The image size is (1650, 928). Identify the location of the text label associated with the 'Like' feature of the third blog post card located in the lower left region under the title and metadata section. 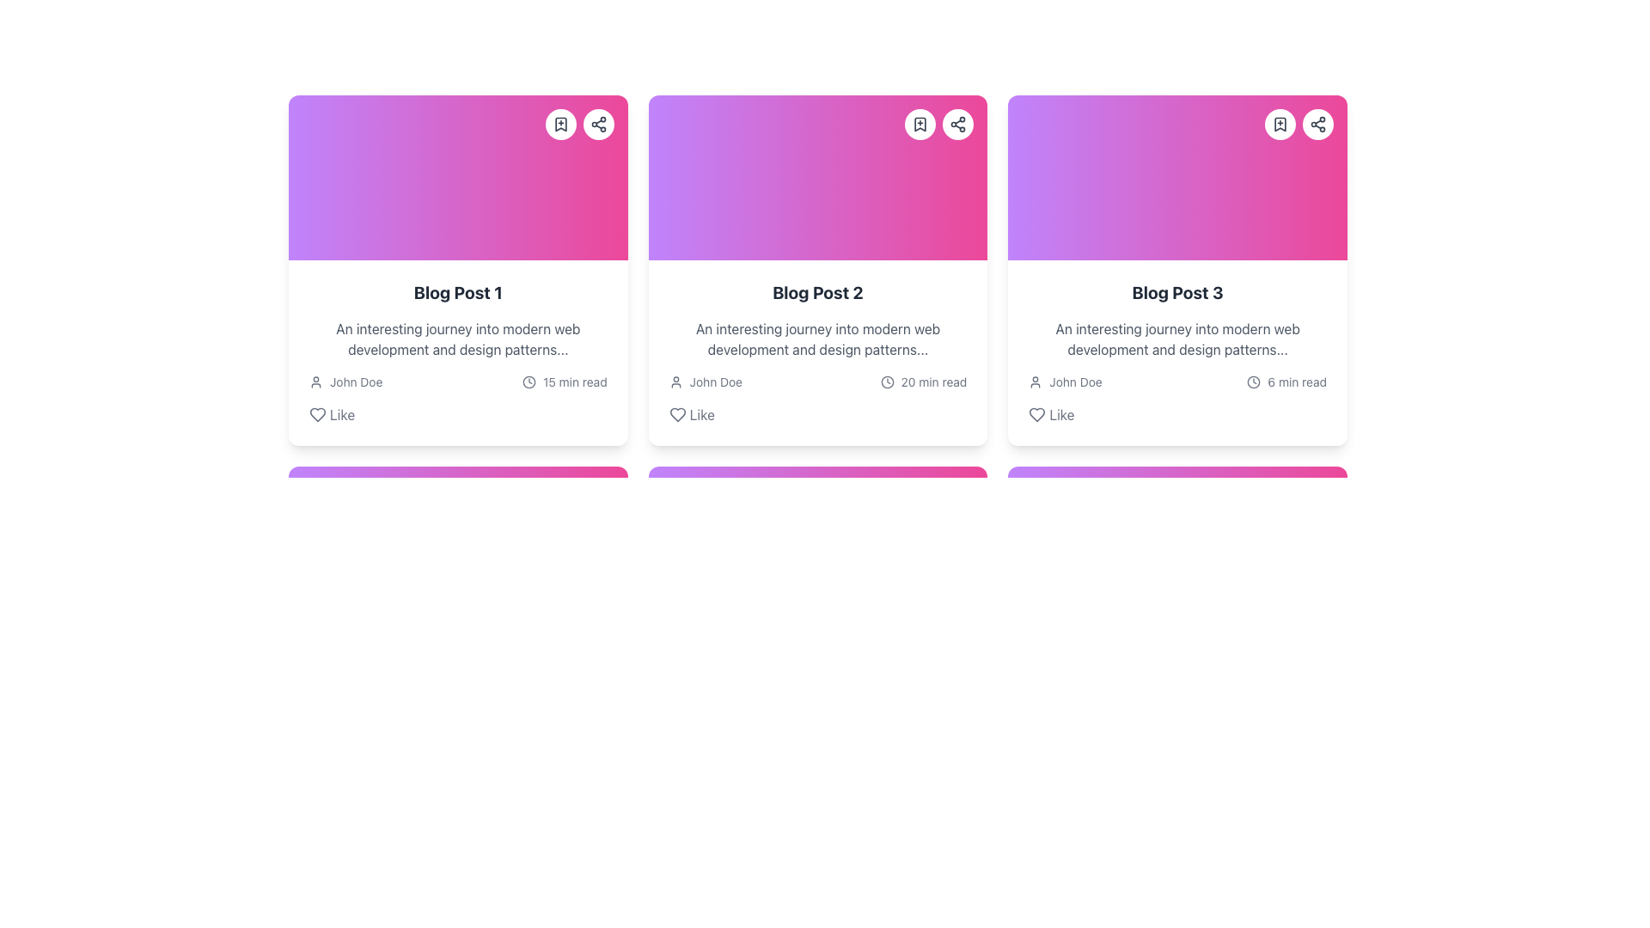
(1060, 414).